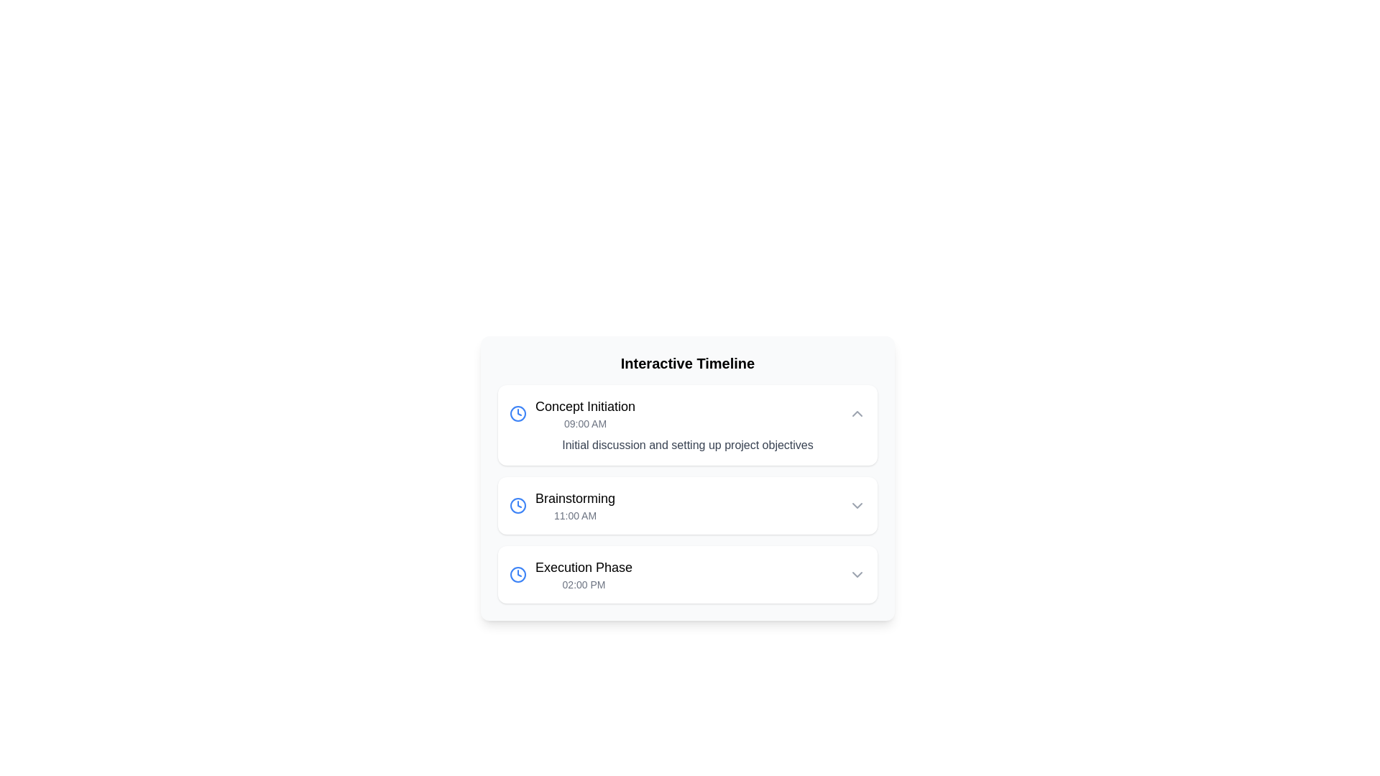 This screenshot has height=776, width=1380. I want to click on the third entry in the vertical timeline, which represents a specific phase name and its time, so click(584, 573).